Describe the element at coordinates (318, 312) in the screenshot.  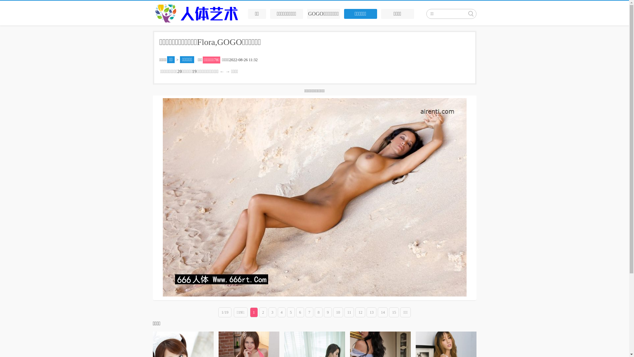
I see `'8'` at that location.